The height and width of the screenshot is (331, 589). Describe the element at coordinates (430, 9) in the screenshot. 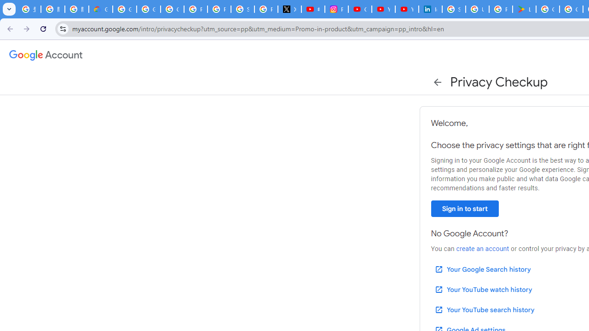

I see `'Identity verification via Persona | LinkedIn Help'` at that location.